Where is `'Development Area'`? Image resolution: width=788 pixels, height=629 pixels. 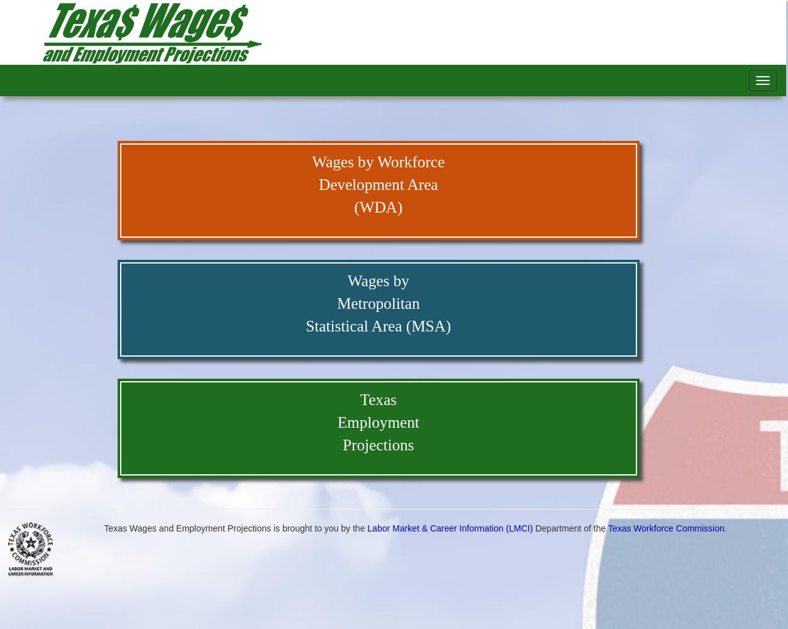
'Development Area' is located at coordinates (377, 184).